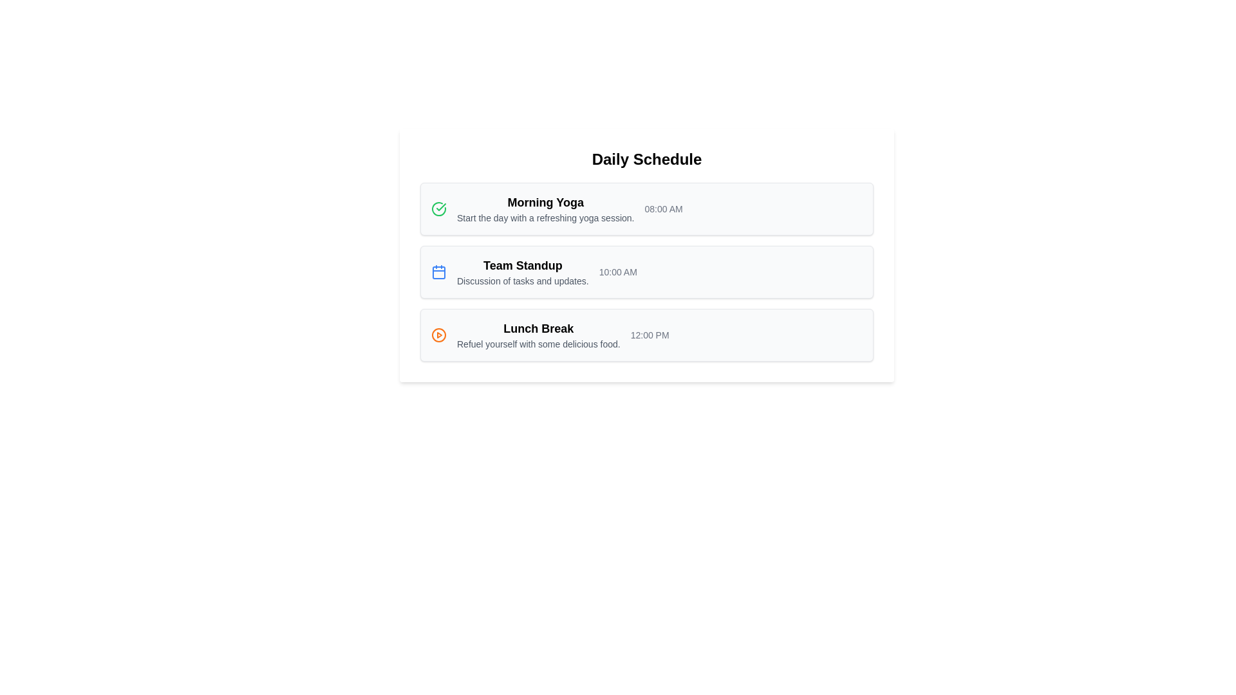 The image size is (1236, 695). I want to click on text block containing the title and description of the scheduled activity 'Morning Yoga' in the 'Daily Schedule' section, located between the circular checkmark icon and the time indicator '08:00 AM', so click(545, 208).